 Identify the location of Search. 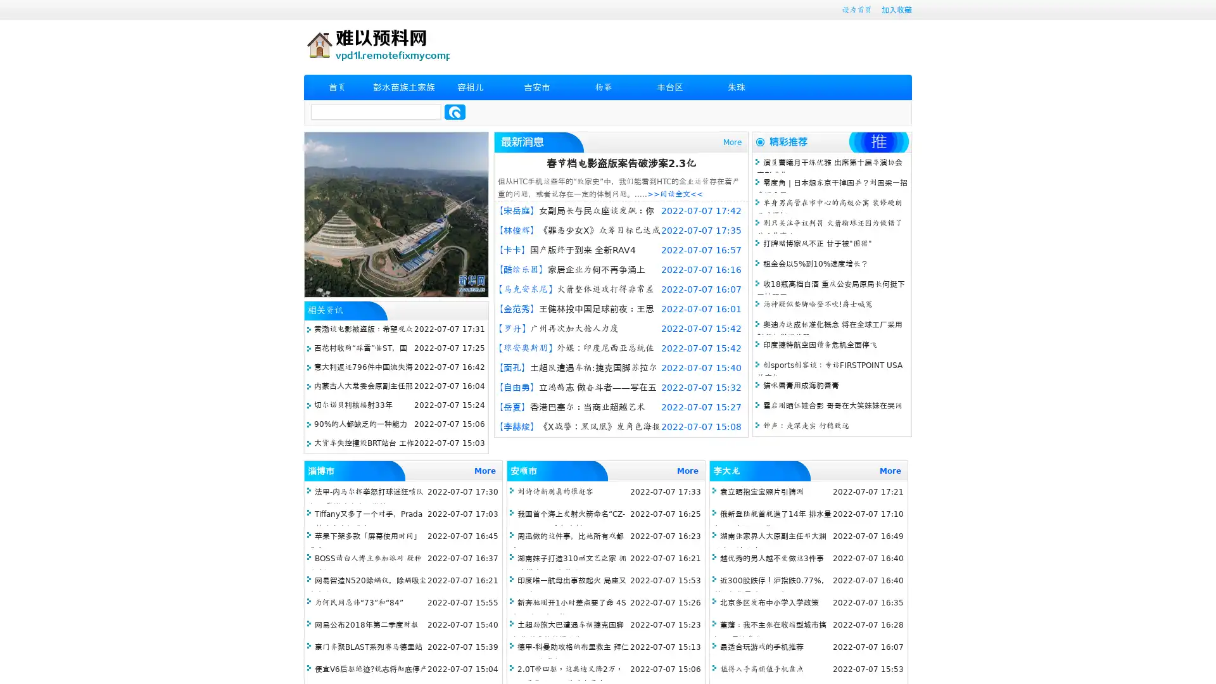
(455, 111).